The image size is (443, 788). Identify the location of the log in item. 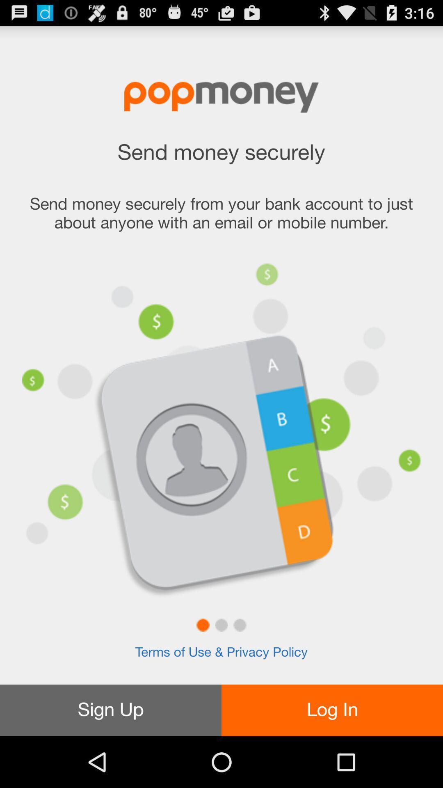
(332, 710).